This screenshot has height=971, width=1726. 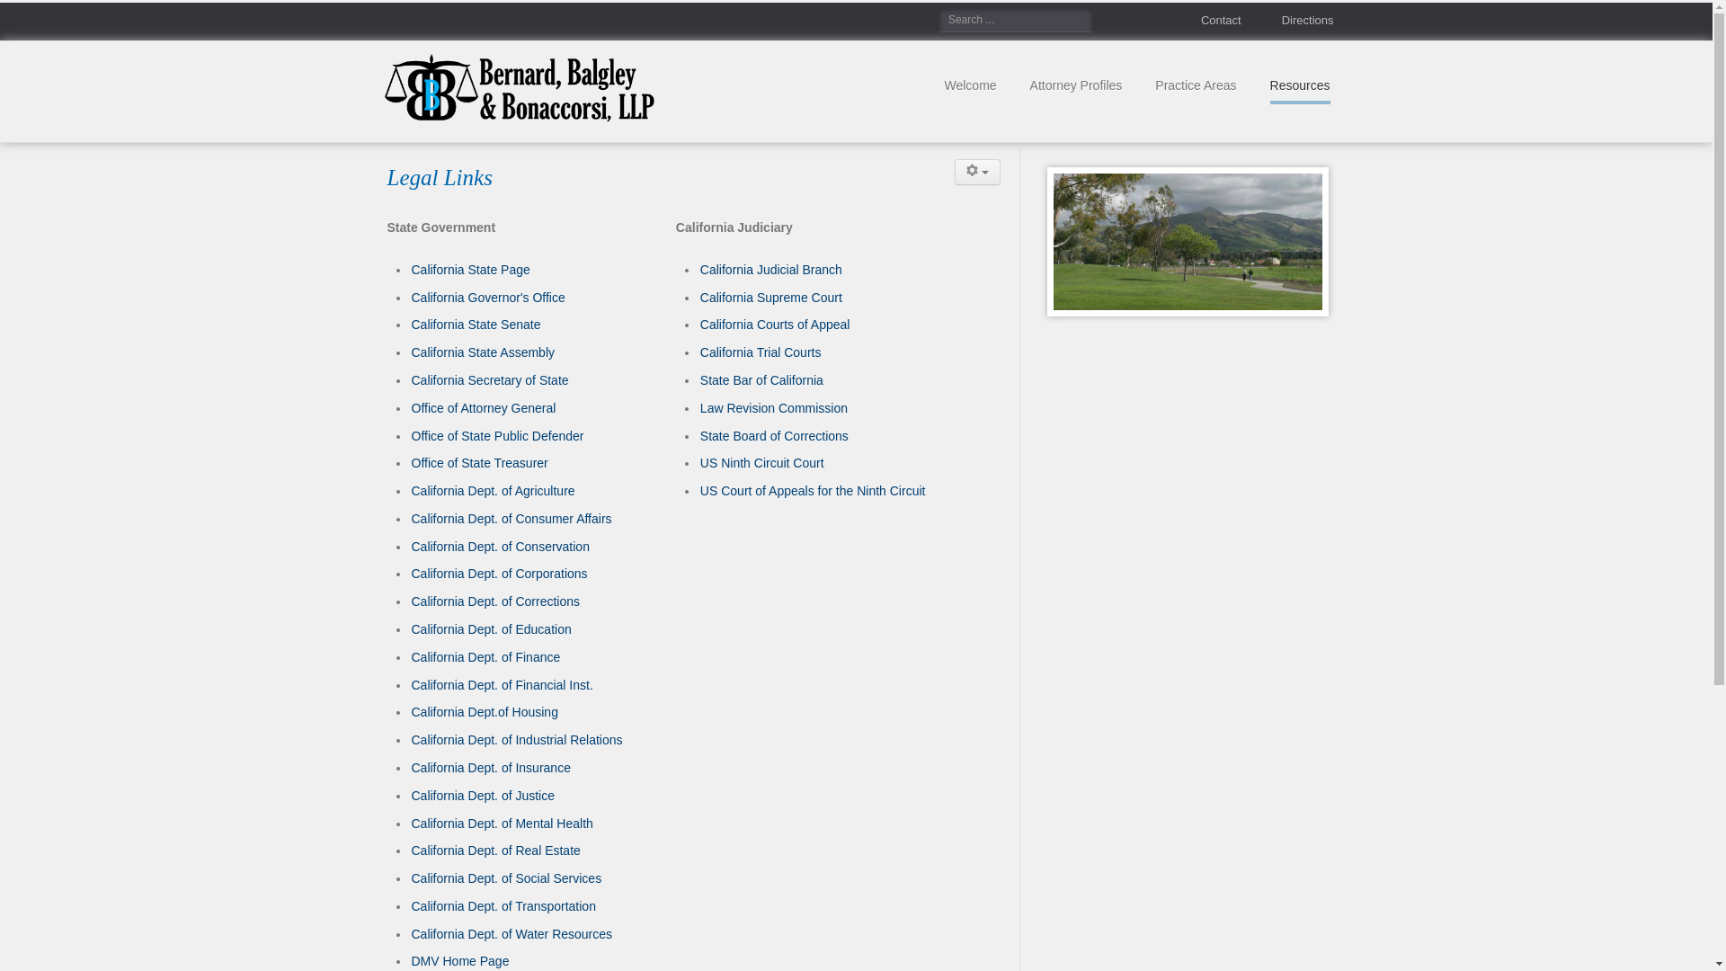 What do you see at coordinates (969, 86) in the screenshot?
I see `'Welcome'` at bounding box center [969, 86].